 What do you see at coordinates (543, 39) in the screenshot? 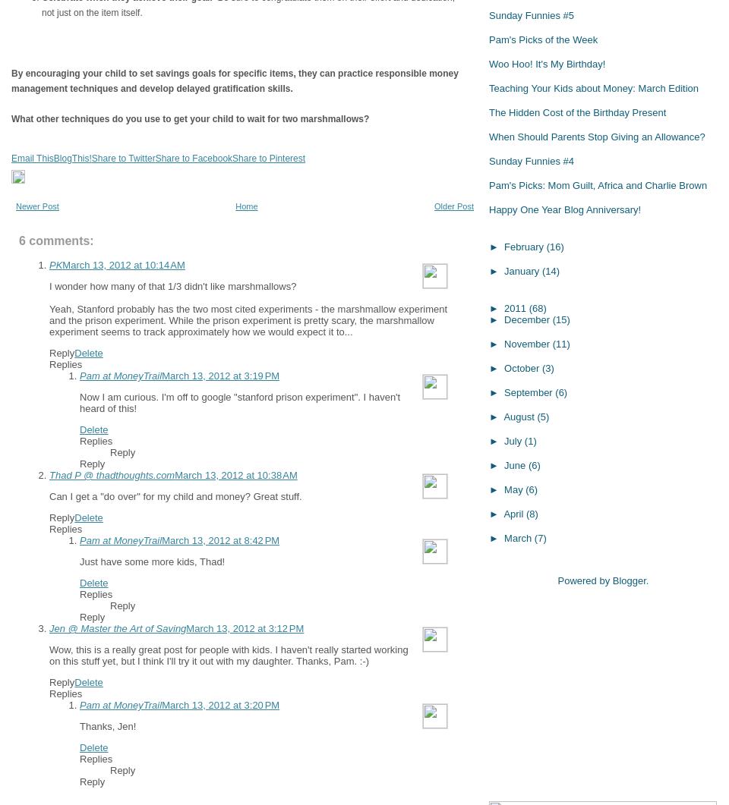
I see `'Pam's Picks of the Week'` at bounding box center [543, 39].